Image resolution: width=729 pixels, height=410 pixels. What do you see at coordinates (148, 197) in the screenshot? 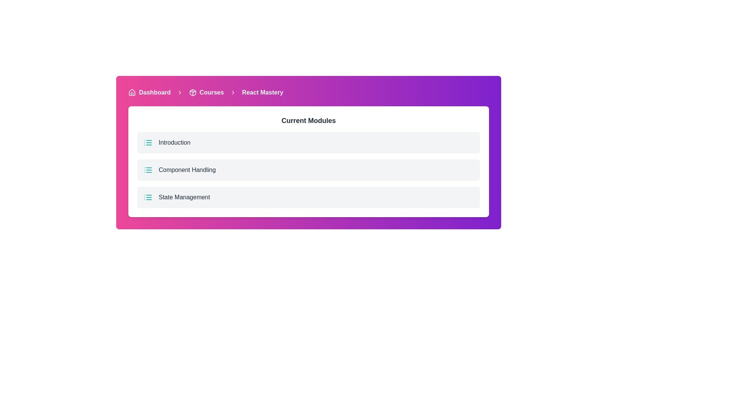
I see `the icon representing the 'State Management' module, located to the far left of the text 'State Management'` at bounding box center [148, 197].